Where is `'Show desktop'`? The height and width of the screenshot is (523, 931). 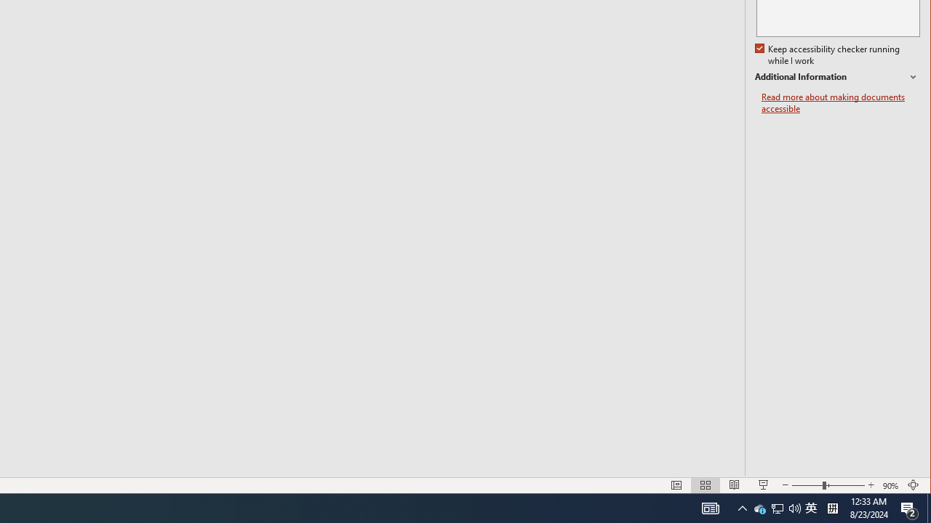 'Show desktop' is located at coordinates (928, 507).